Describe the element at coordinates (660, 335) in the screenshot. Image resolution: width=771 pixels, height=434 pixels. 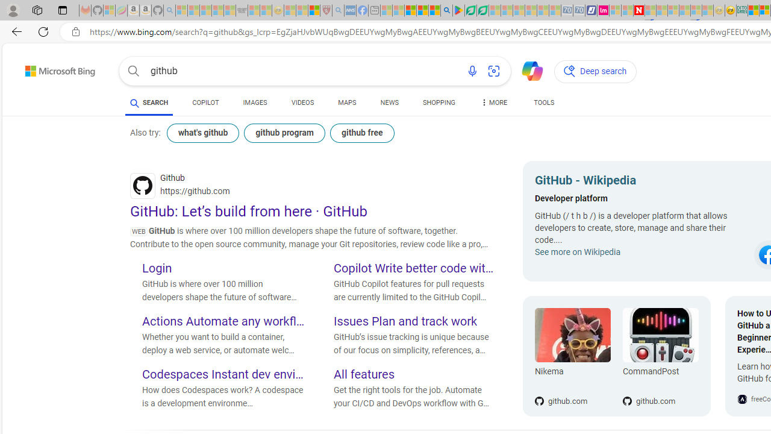
I see `'CommandPost'` at that location.